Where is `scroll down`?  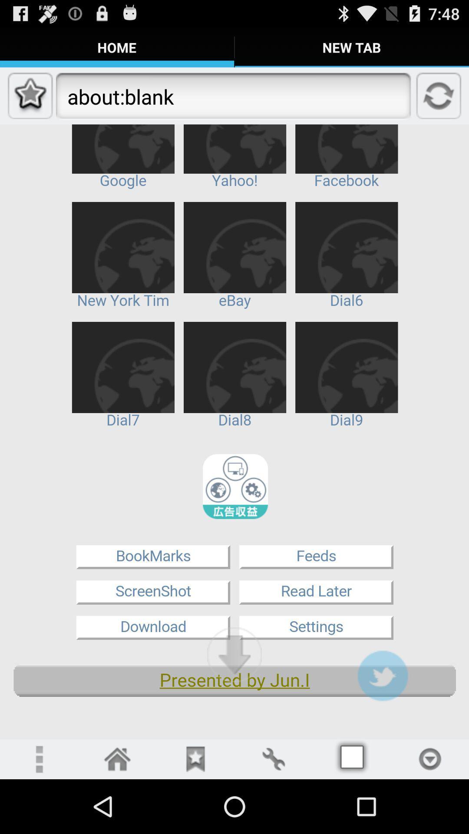
scroll down is located at coordinates (234, 655).